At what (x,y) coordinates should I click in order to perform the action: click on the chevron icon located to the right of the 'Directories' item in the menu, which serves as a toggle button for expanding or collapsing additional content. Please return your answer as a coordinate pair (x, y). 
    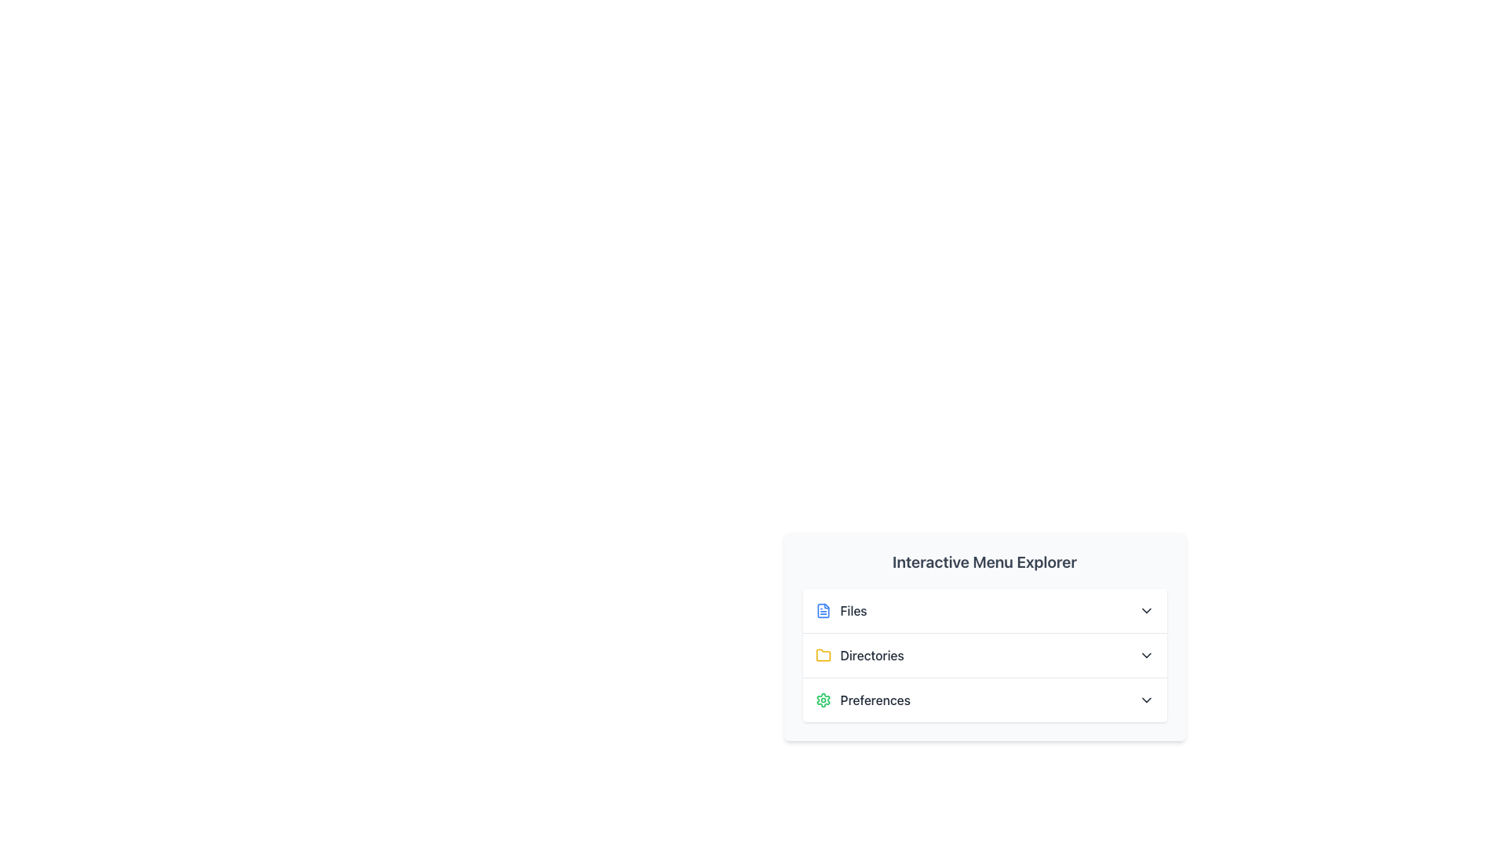
    Looking at the image, I should click on (1146, 656).